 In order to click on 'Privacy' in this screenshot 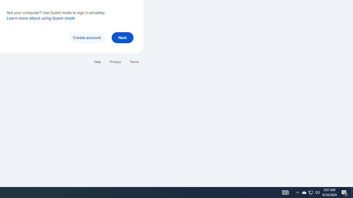, I will do `click(115, 62)`.